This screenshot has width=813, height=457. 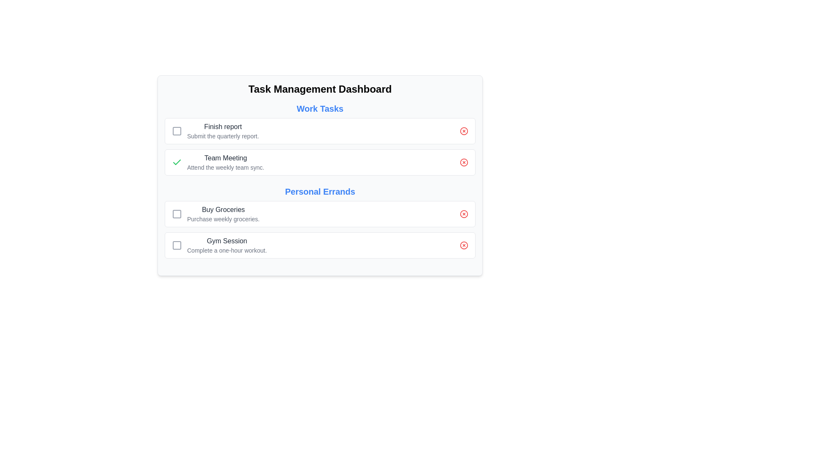 What do you see at coordinates (227, 250) in the screenshot?
I see `the Text label that provides supplementary detail for the 'Gym Session' task, located below the larger 'Gym Session' text in the 'Personal Errands' section` at bounding box center [227, 250].